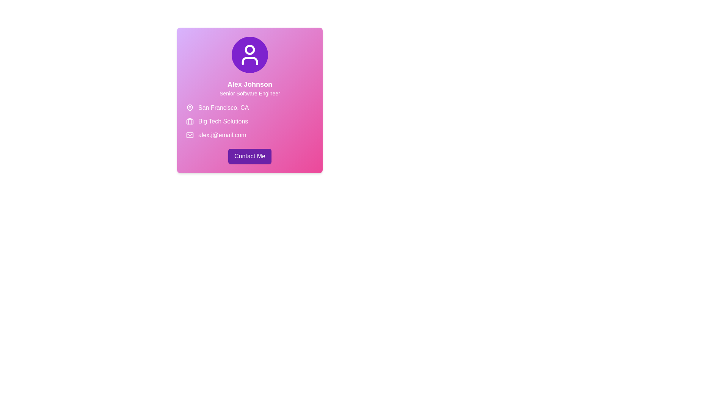  Describe the element at coordinates (249, 156) in the screenshot. I see `the call-to-action button located at the bottom center of the card component containing personal details about 'Alex Johnson'` at that location.